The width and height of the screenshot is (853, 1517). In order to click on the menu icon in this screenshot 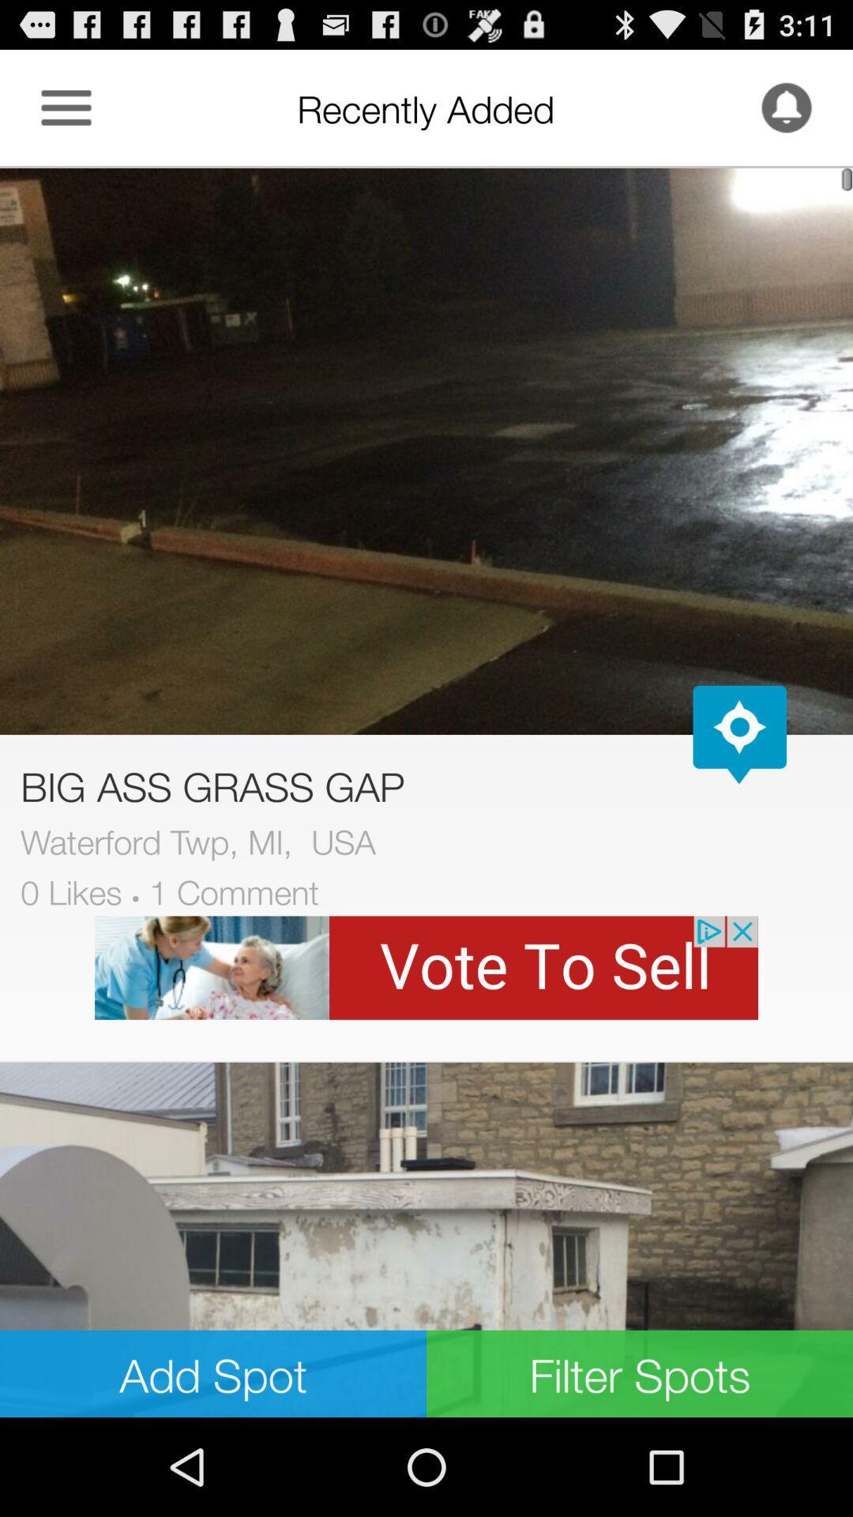, I will do `click(66, 115)`.